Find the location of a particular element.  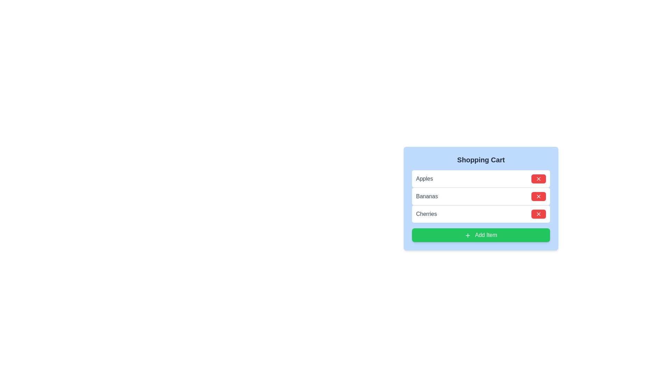

the 'Add Item' button icon is located at coordinates (468, 235).